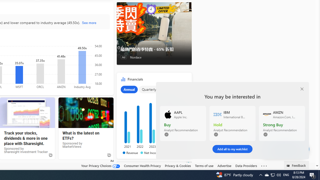 The width and height of the screenshot is (320, 180). Describe the element at coordinates (264, 166) in the screenshot. I see `'Class: oneFooter_seeMore-DS-EntryPoint1-1'` at that location.